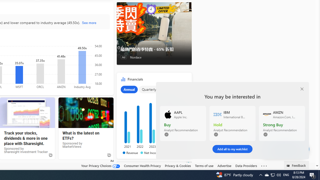 The width and height of the screenshot is (320, 180). Describe the element at coordinates (264, 166) in the screenshot. I see `'Class: oneFooter_seeMore-DS-EntryPoint1-1'` at that location.